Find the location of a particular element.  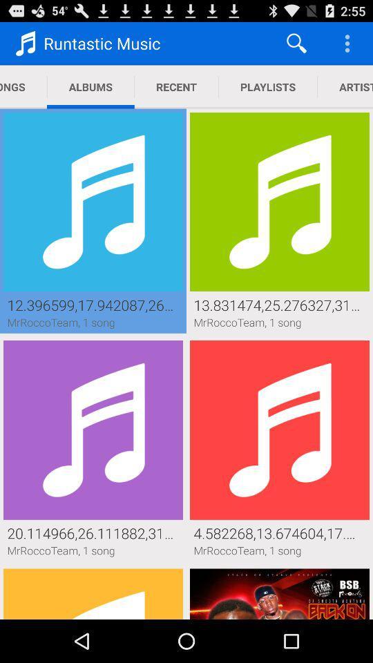

the app to the right of recent app is located at coordinates (296, 43).